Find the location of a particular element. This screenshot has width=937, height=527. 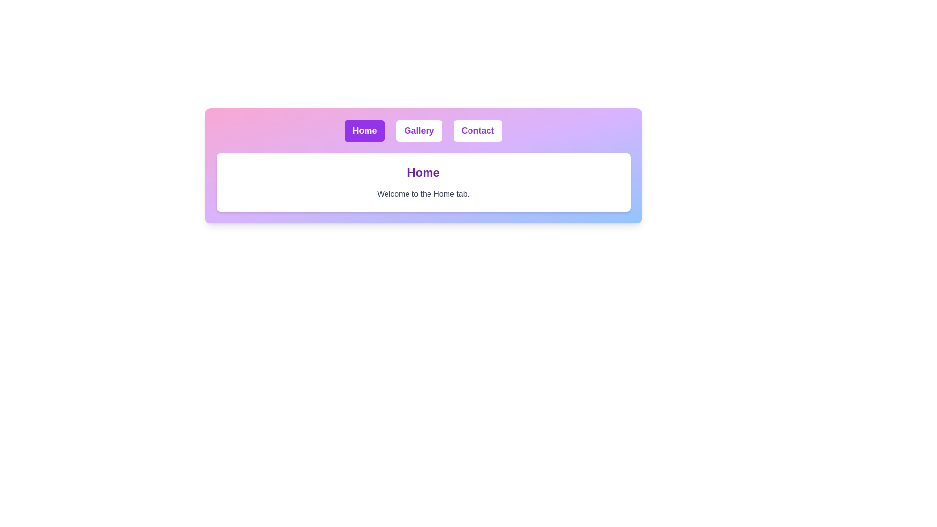

the Home tab to change the displayed content is located at coordinates (364, 130).